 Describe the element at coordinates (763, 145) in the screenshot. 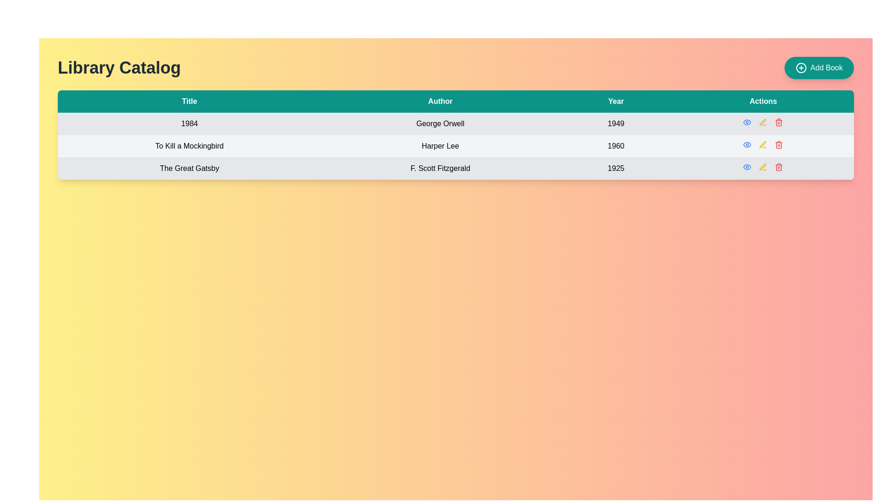

I see `the yellow pencil icon for editing functionalities located in the 'Actions' column of the library catalog table, specifically in the row for 'To Kill a Mockingbird'` at that location.